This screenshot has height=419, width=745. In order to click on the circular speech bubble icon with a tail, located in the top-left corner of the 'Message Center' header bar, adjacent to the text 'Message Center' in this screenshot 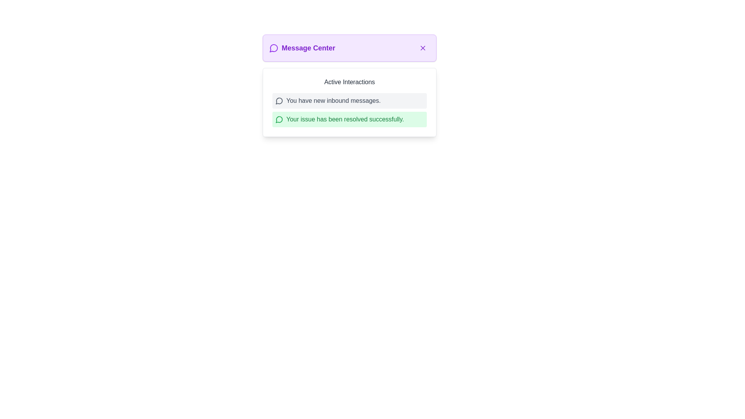, I will do `click(274, 48)`.